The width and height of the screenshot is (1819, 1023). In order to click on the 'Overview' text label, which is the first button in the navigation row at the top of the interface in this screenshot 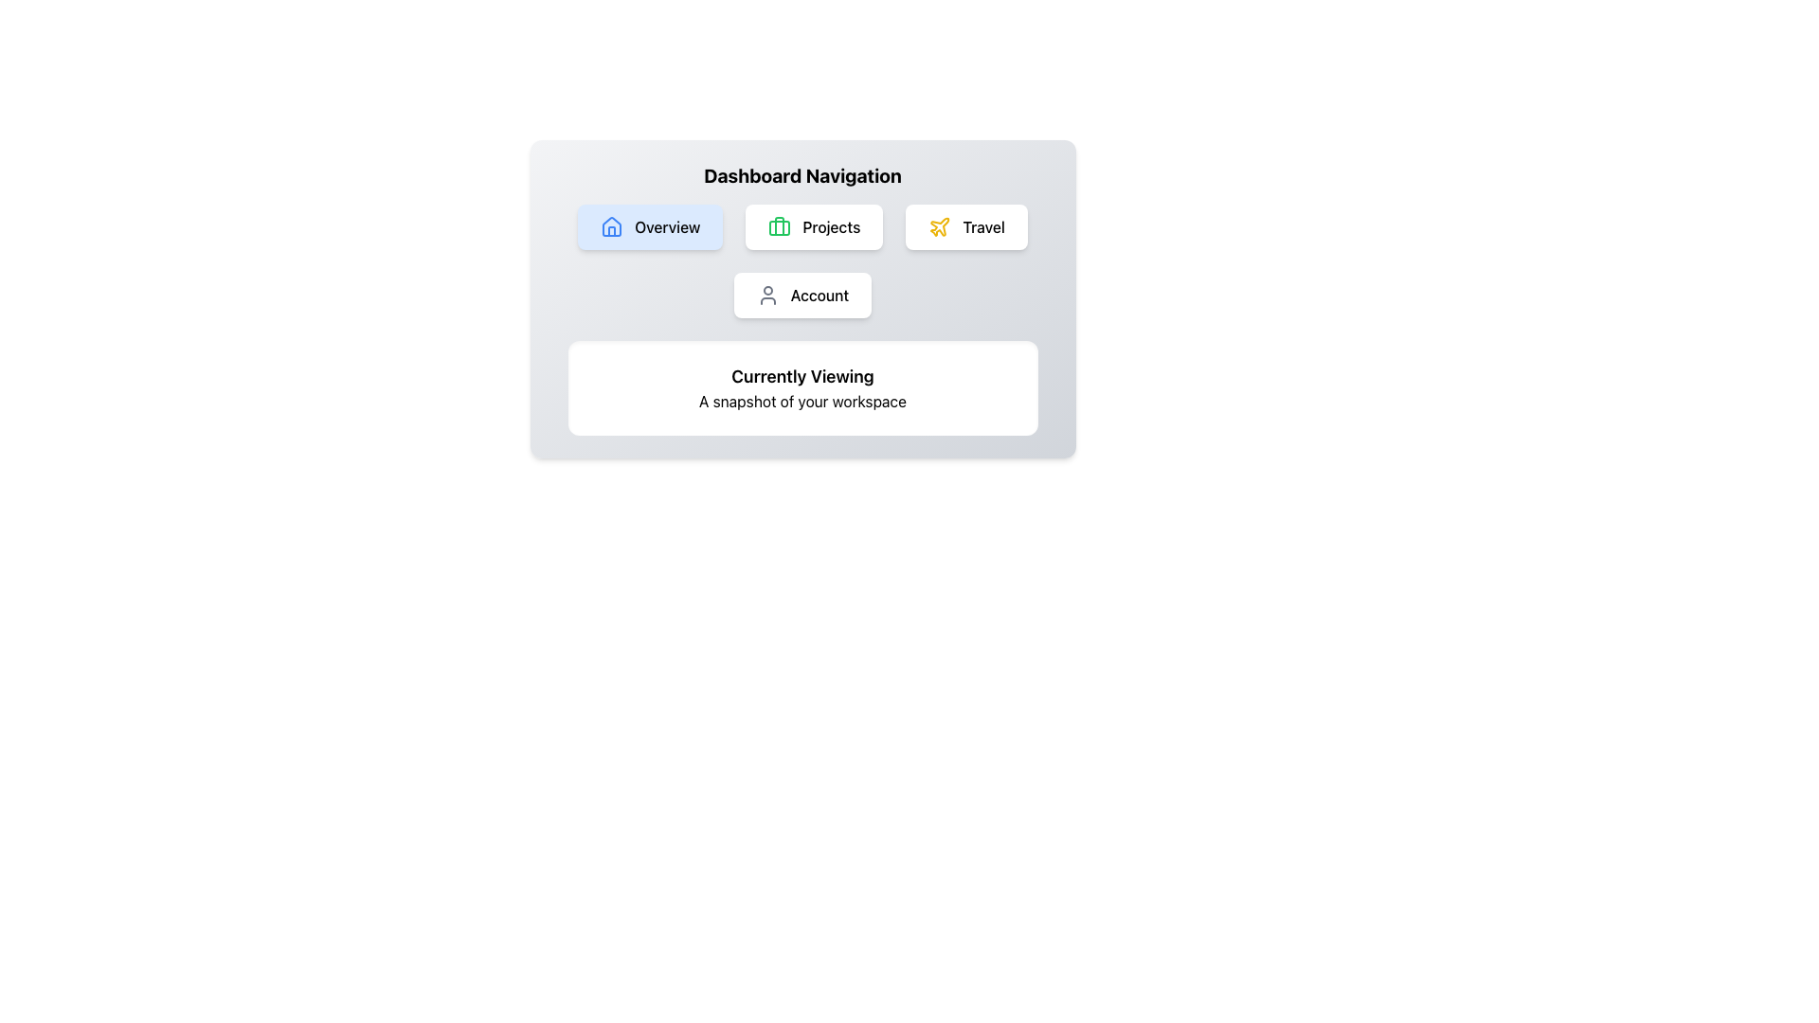, I will do `click(667, 225)`.